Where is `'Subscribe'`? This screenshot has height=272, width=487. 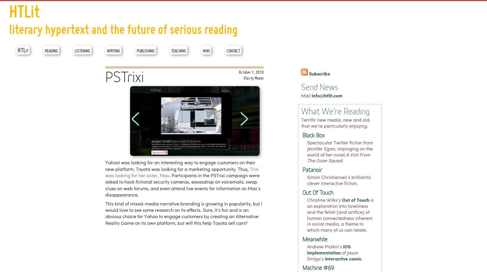 'Subscribe' is located at coordinates (319, 74).